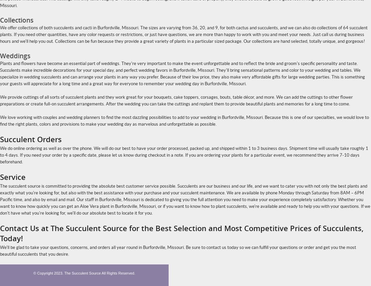 Image resolution: width=371 pixels, height=286 pixels. I want to click on 'Contact Us at The Succulent Source for the Best Selection and Most Competitive Prices of Succulents, Today!', so click(182, 233).